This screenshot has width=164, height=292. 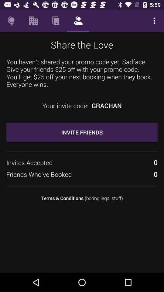 What do you see at coordinates (56, 21) in the screenshot?
I see `the icon above the share the love item` at bounding box center [56, 21].